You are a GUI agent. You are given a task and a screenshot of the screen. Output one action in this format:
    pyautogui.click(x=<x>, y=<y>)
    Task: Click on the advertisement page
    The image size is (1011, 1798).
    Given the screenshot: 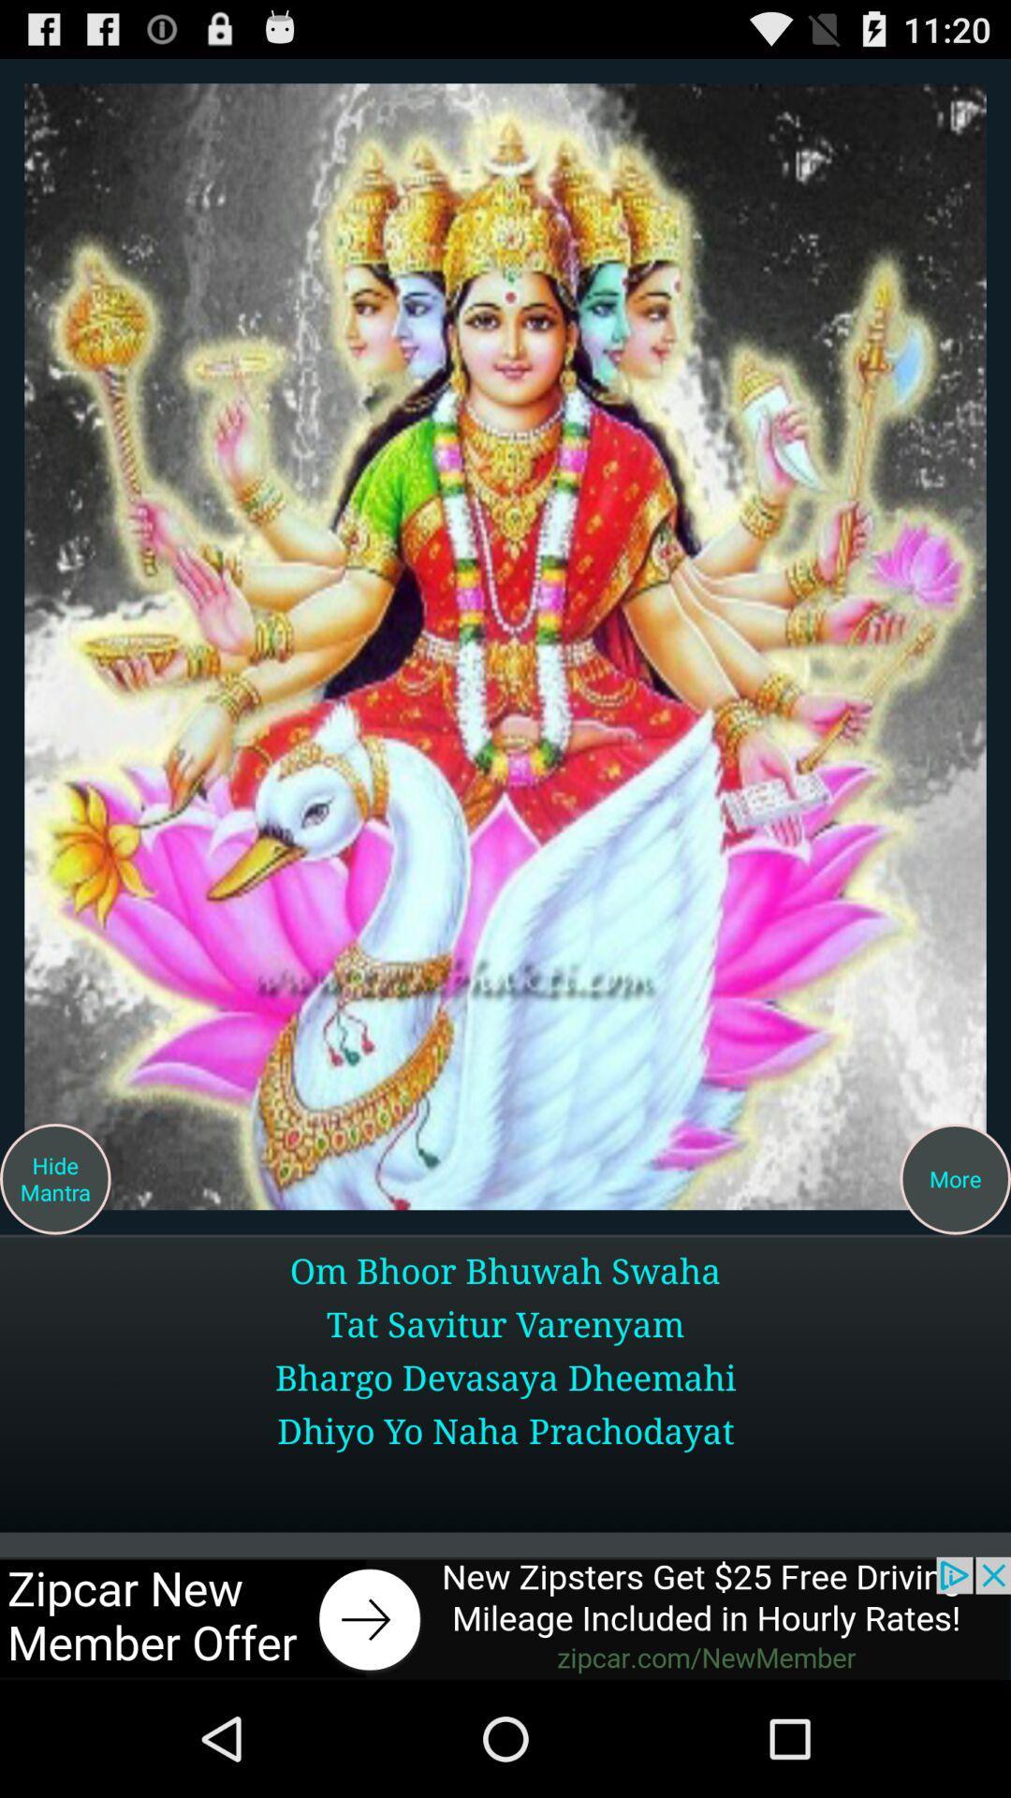 What is the action you would take?
    pyautogui.click(x=505, y=1617)
    